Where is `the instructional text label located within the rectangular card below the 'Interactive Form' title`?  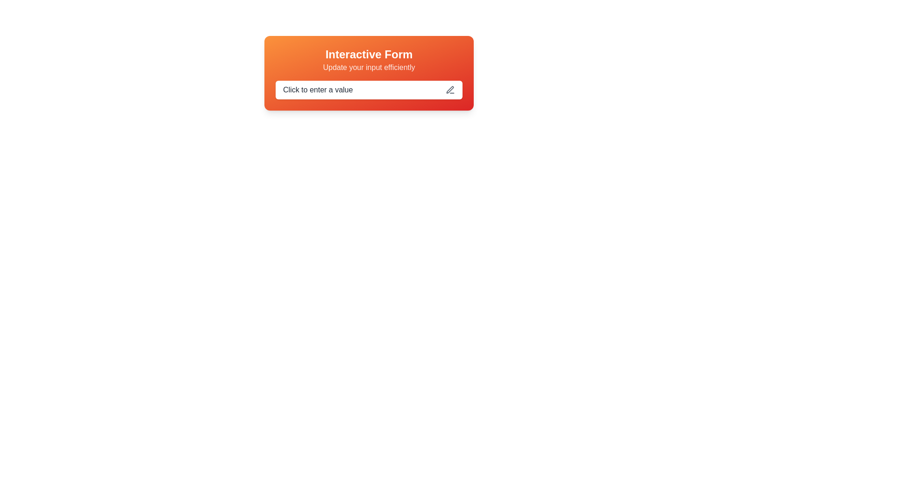 the instructional text label located within the rectangular card below the 'Interactive Form' title is located at coordinates (369, 67).